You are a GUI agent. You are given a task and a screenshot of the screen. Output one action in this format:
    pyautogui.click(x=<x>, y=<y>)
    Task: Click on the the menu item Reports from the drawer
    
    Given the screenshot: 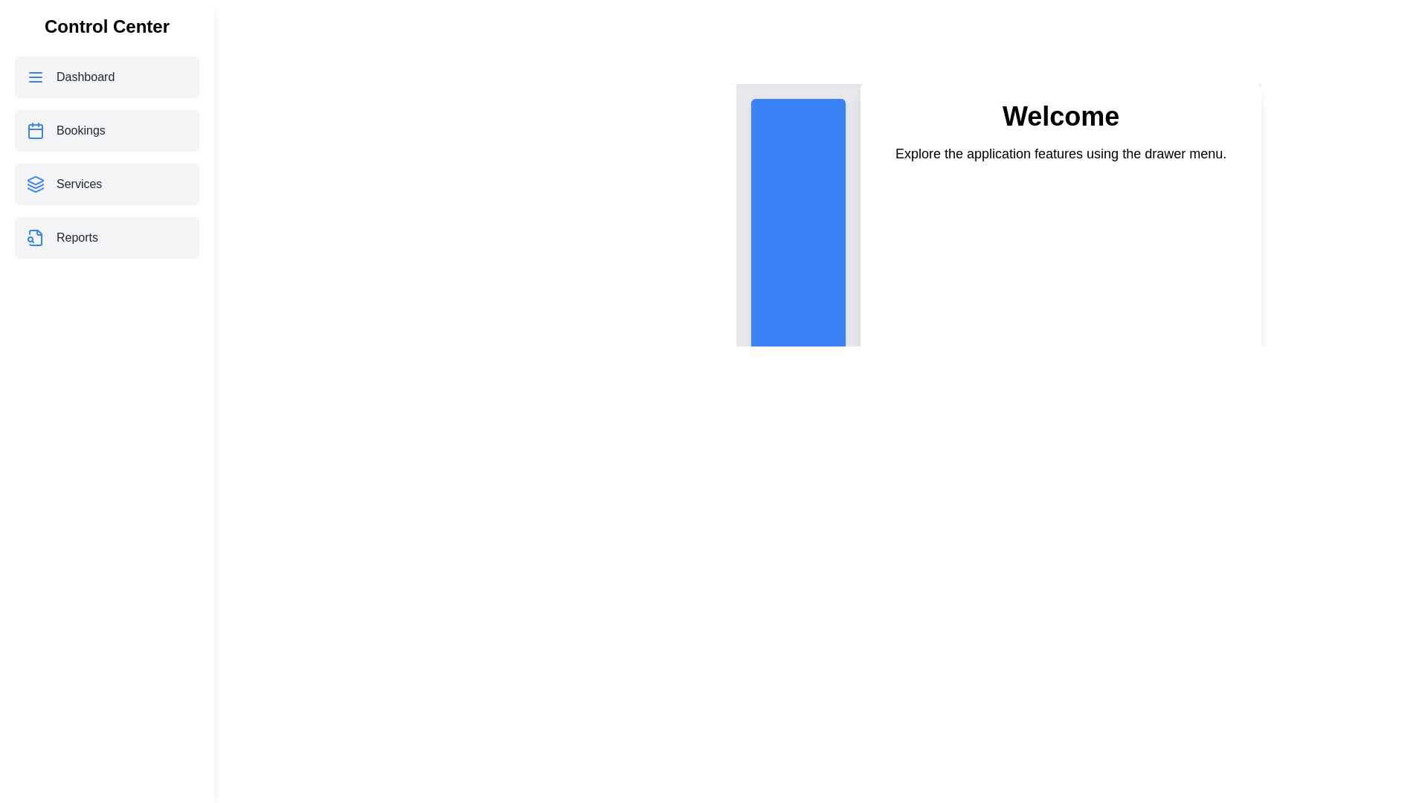 What is the action you would take?
    pyautogui.click(x=106, y=237)
    